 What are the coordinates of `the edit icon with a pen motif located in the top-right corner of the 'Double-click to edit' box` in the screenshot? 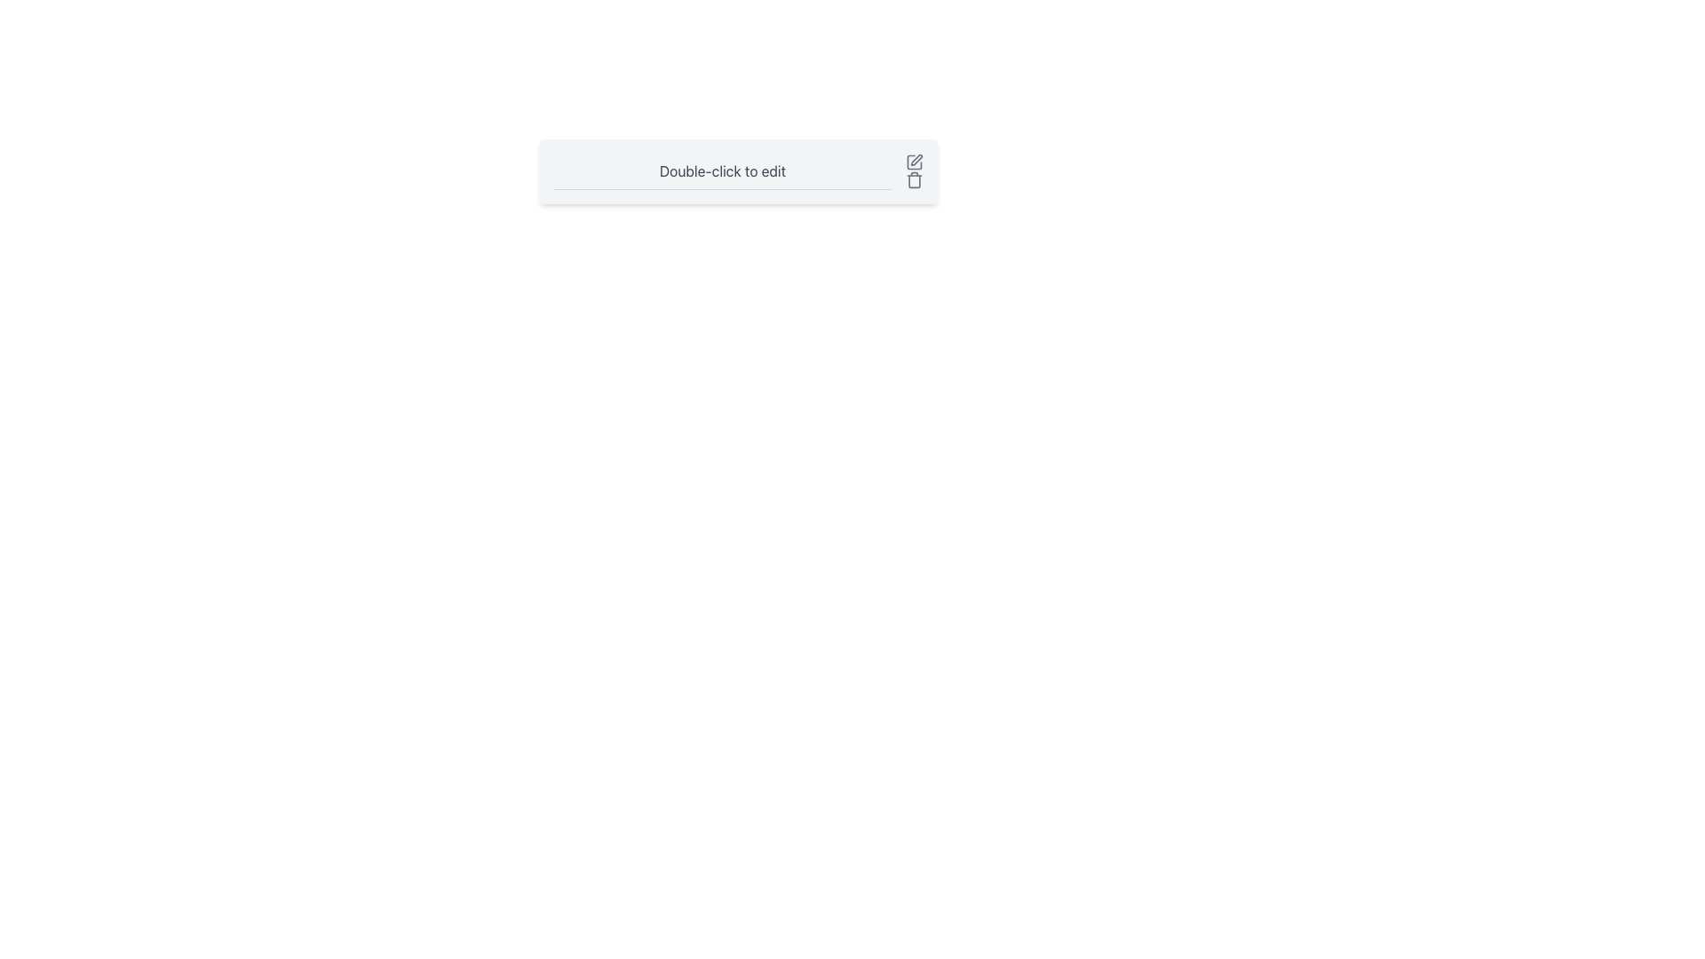 It's located at (915, 162).